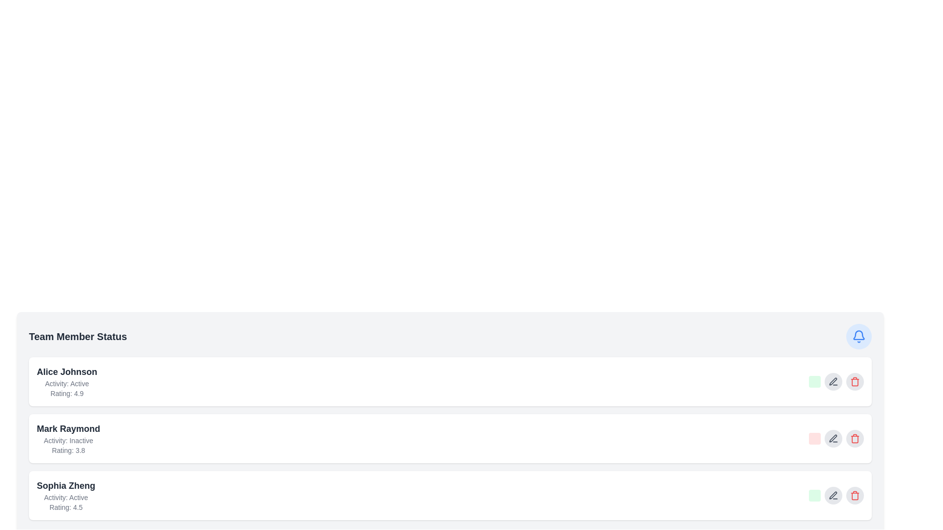 This screenshot has width=943, height=530. I want to click on the informational text block displaying the name, activity status, and rating of a team member, located in the top-left corner of the first card in the 'Team Member Status' panel, so click(66, 381).